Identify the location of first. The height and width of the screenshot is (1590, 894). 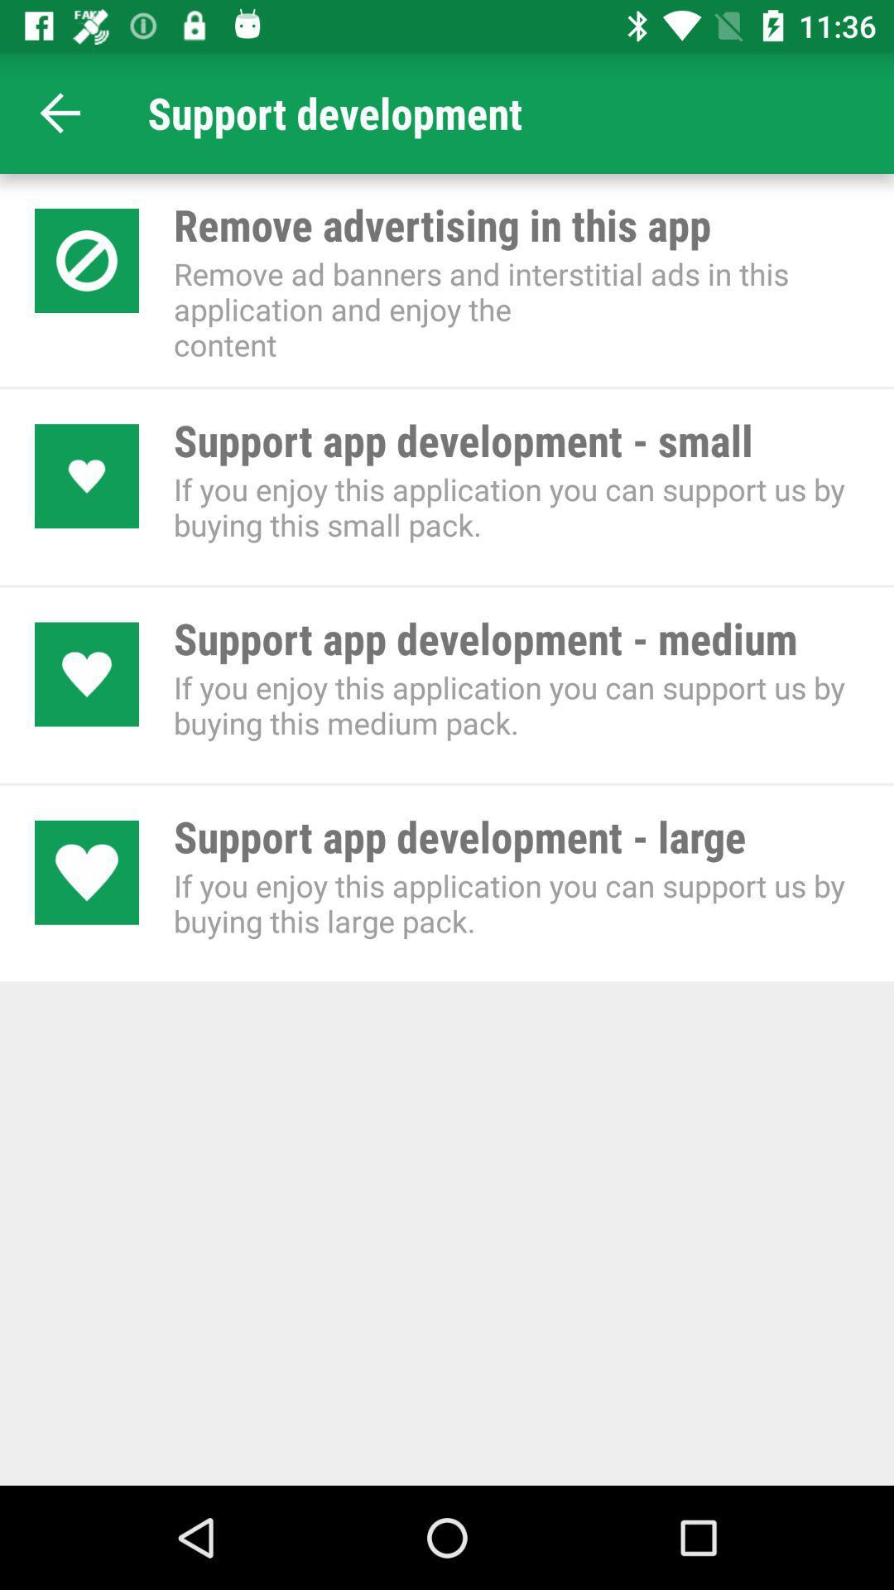
(60, 112).